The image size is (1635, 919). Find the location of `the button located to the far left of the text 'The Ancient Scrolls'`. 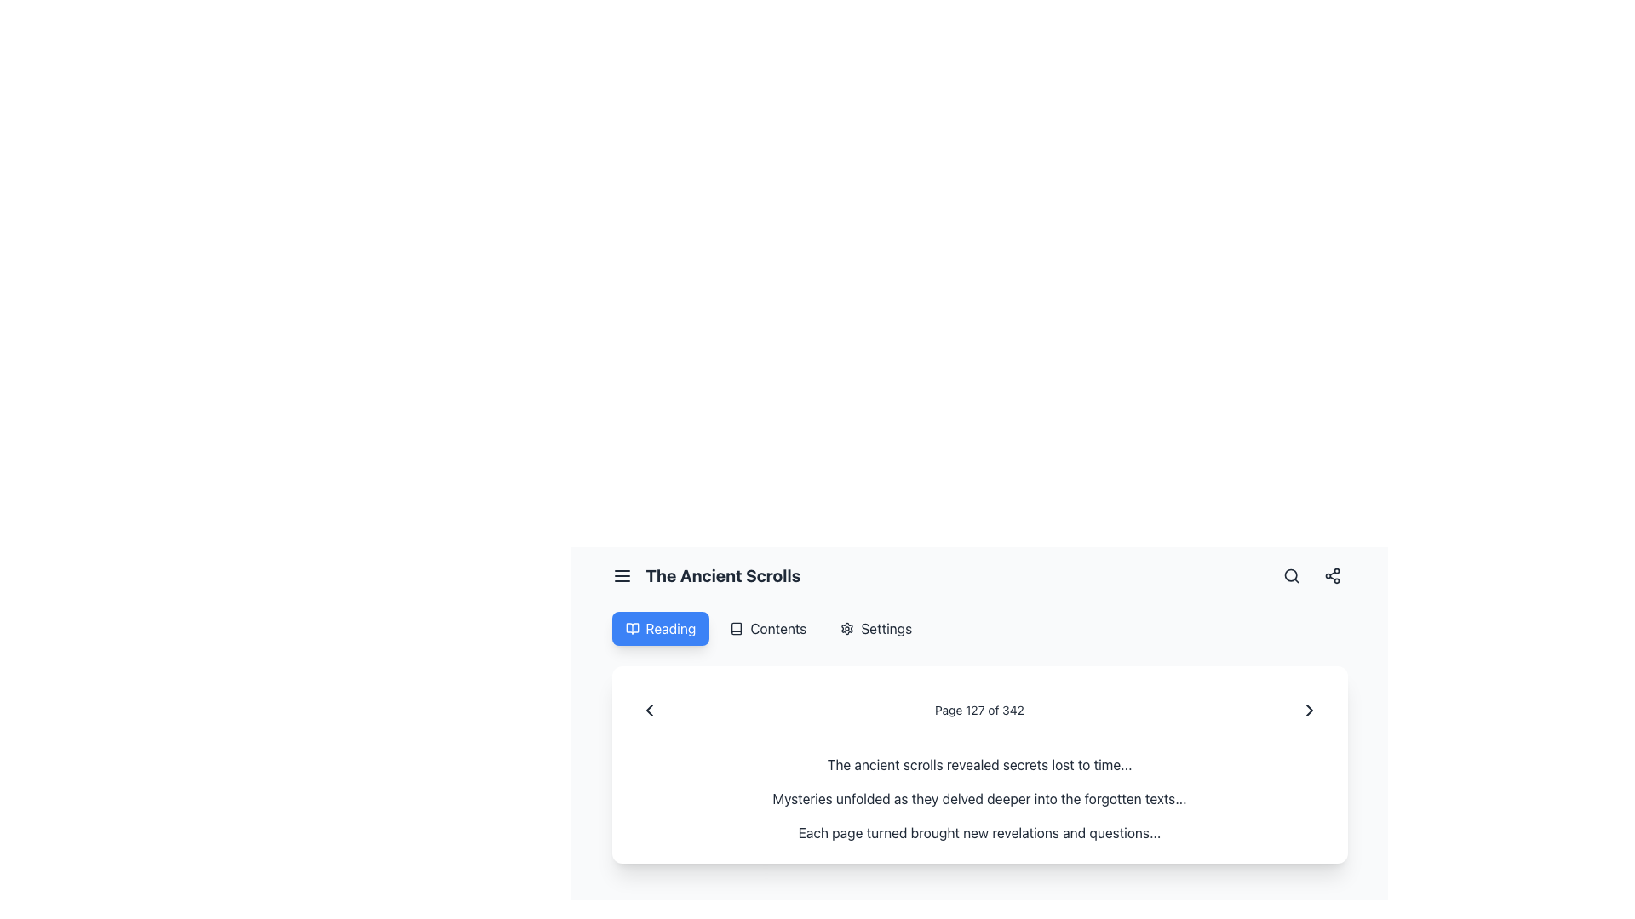

the button located to the far left of the text 'The Ancient Scrolls' is located at coordinates (621, 575).